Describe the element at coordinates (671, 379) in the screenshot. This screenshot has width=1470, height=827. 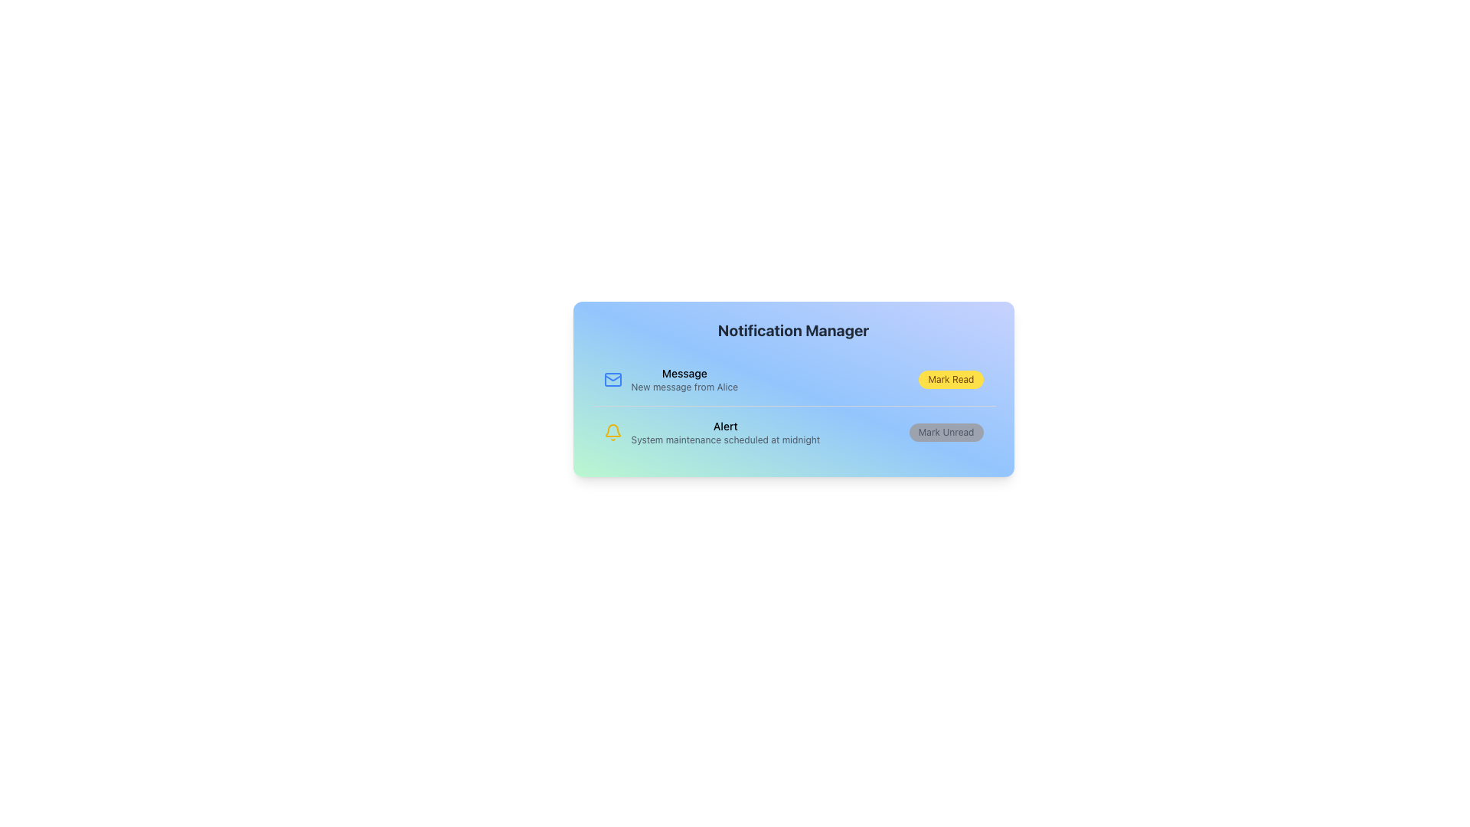
I see `the Text and Icon Combination element that features bold text 'Message' and smaller text 'New message from Alice' with an envelope icon to the left` at that location.